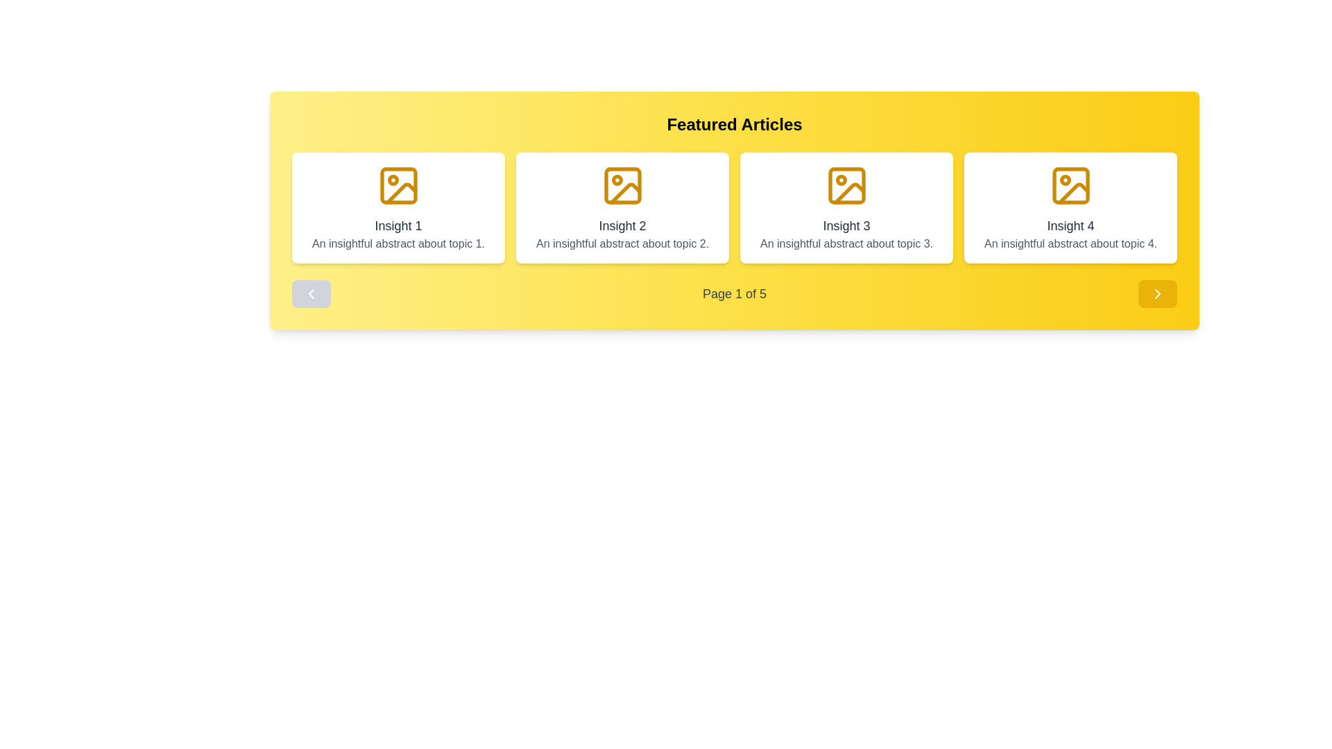  What do you see at coordinates (398, 184) in the screenshot?
I see `the SVG Rectangle Graphic Element that serves as the background of the icon in the first article card of the carousel` at bounding box center [398, 184].